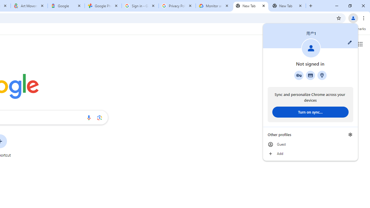 This screenshot has width=370, height=208. What do you see at coordinates (88, 117) in the screenshot?
I see `'Search by voice'` at bounding box center [88, 117].